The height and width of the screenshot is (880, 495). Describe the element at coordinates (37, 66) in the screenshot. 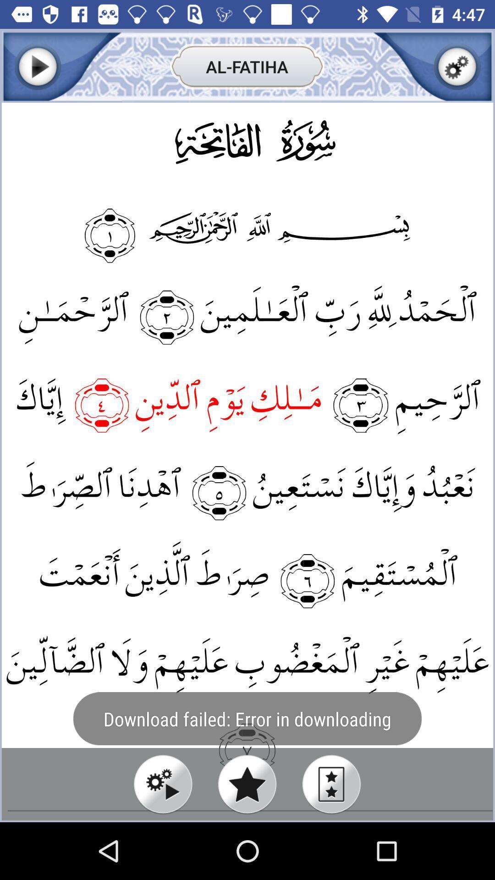

I see `play` at that location.